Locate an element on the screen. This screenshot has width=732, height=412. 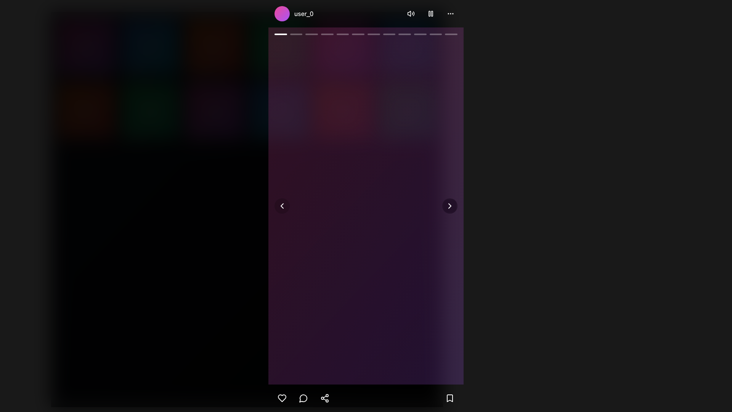
the Interactive visual card that has a gradient background transitioning from pink to purple and features a bold, white uppercase 'U' within a rounded, semi-transparent white circle is located at coordinates (214, 112).